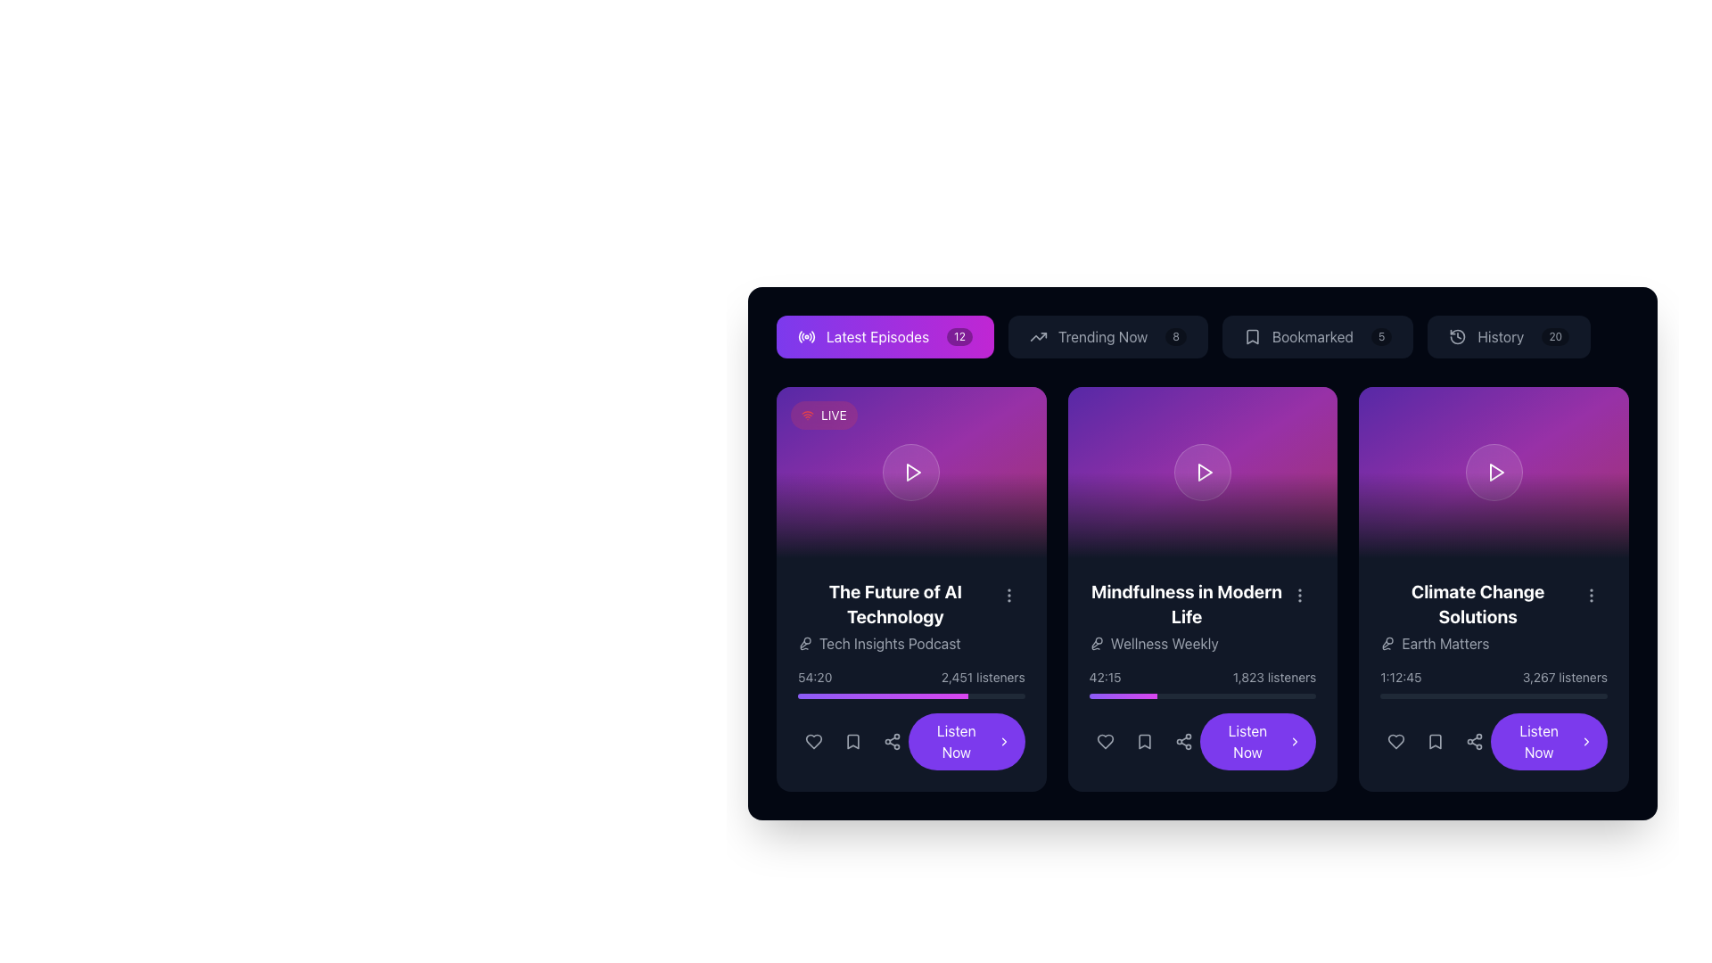 This screenshot has height=963, width=1712. Describe the element at coordinates (1202, 471) in the screenshot. I see `the circular button with a semi-transparent dark overlay and a white play icon located in the middle of the card to play the content` at that location.